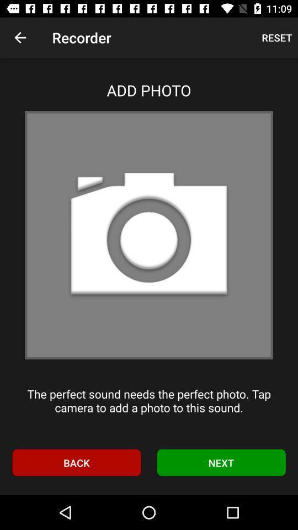 The width and height of the screenshot is (298, 530). What do you see at coordinates (221, 463) in the screenshot?
I see `the item next to the back item` at bounding box center [221, 463].